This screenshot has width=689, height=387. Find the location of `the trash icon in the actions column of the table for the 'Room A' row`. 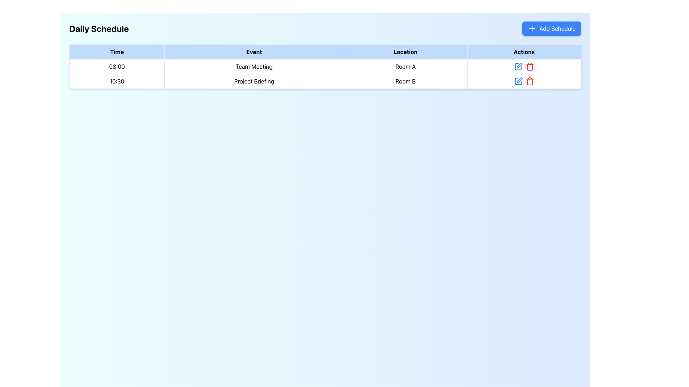

the trash icon in the actions column of the table for the 'Room A' row is located at coordinates (524, 66).